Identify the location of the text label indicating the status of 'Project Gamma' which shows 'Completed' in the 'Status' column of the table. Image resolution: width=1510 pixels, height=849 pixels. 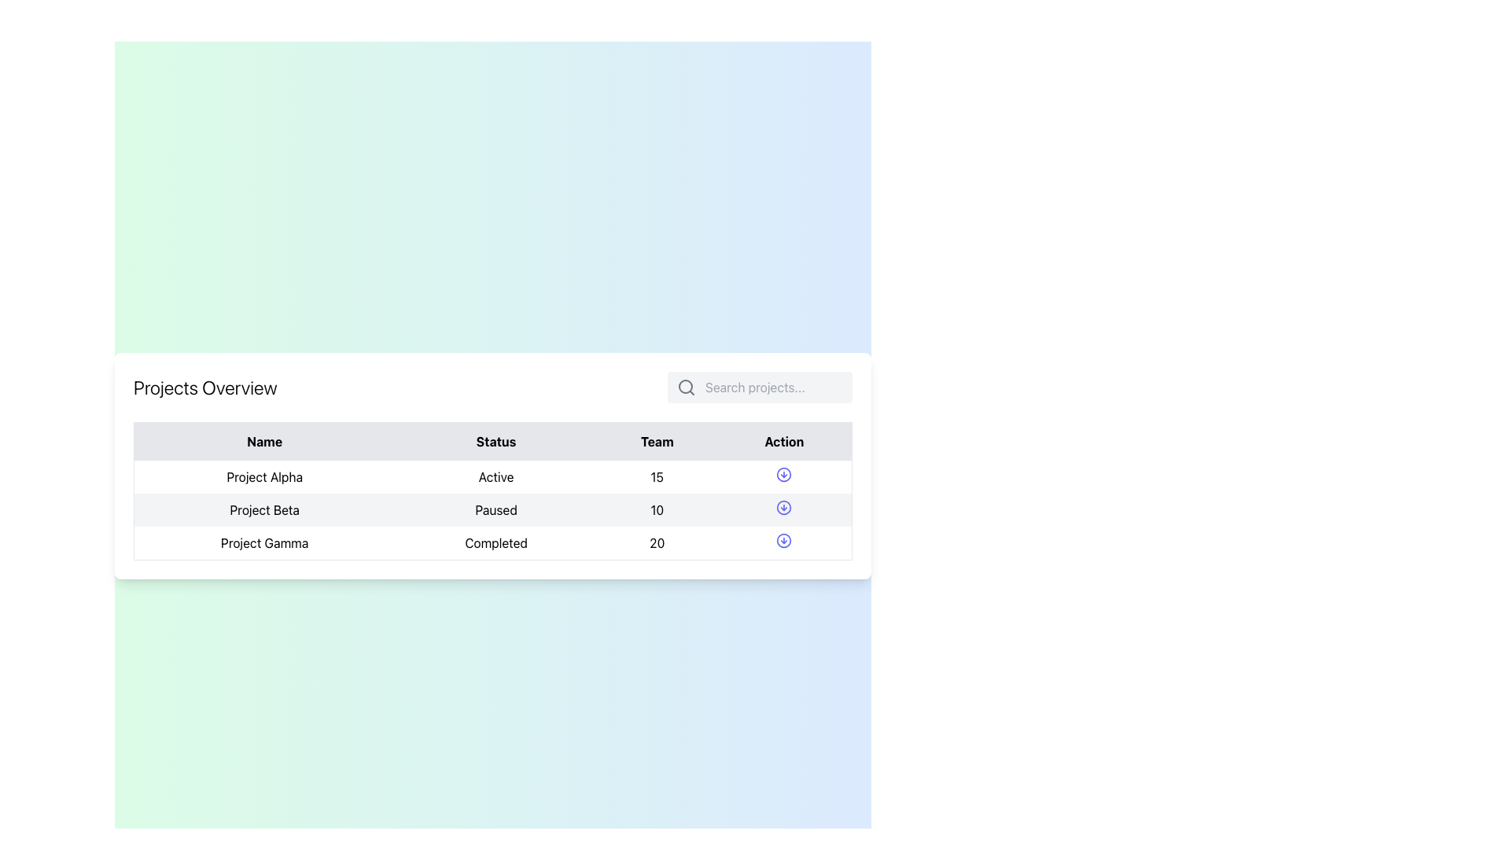
(495, 542).